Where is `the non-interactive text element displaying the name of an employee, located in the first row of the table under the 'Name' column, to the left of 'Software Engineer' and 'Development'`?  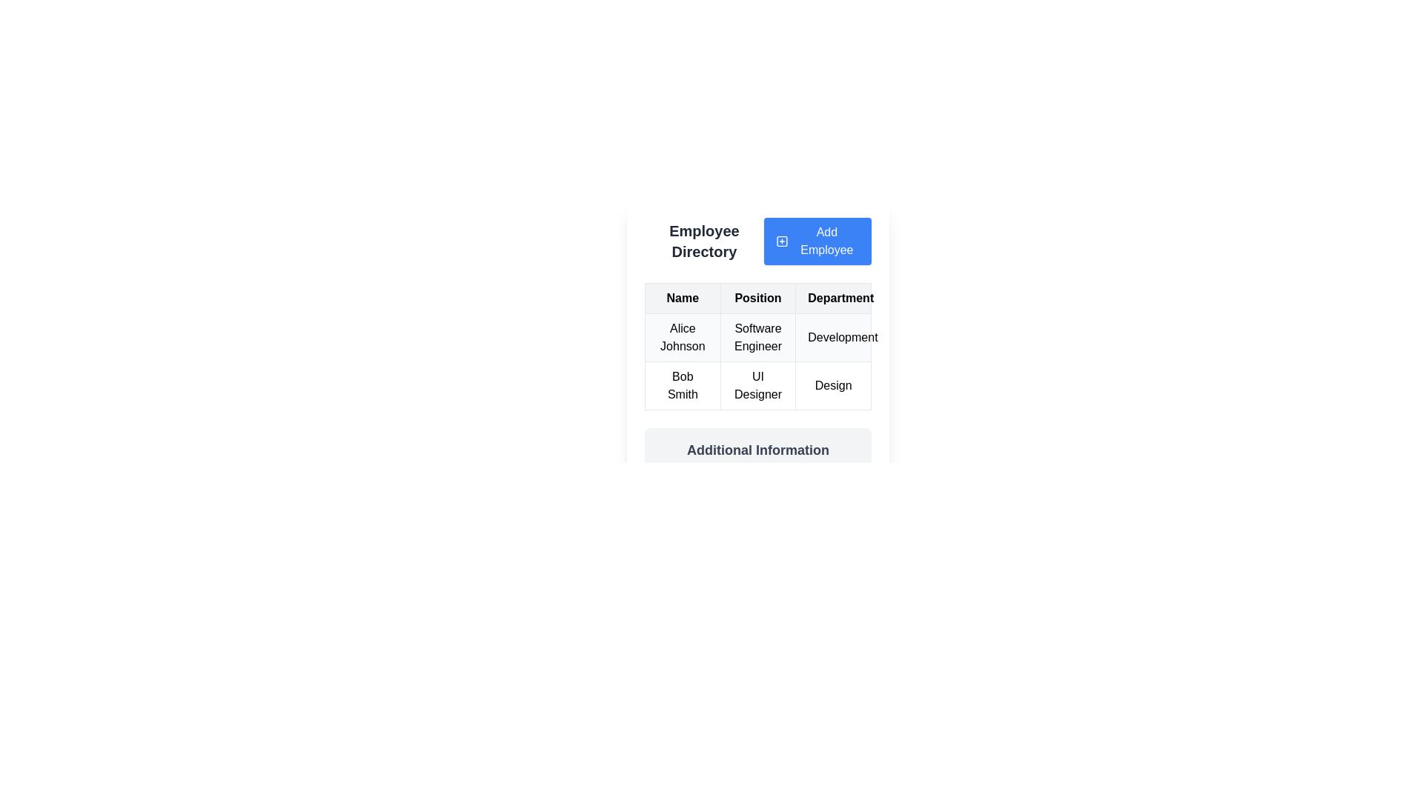
the non-interactive text element displaying the name of an employee, located in the first row of the table under the 'Name' column, to the left of 'Software Engineer' and 'Development' is located at coordinates (682, 337).